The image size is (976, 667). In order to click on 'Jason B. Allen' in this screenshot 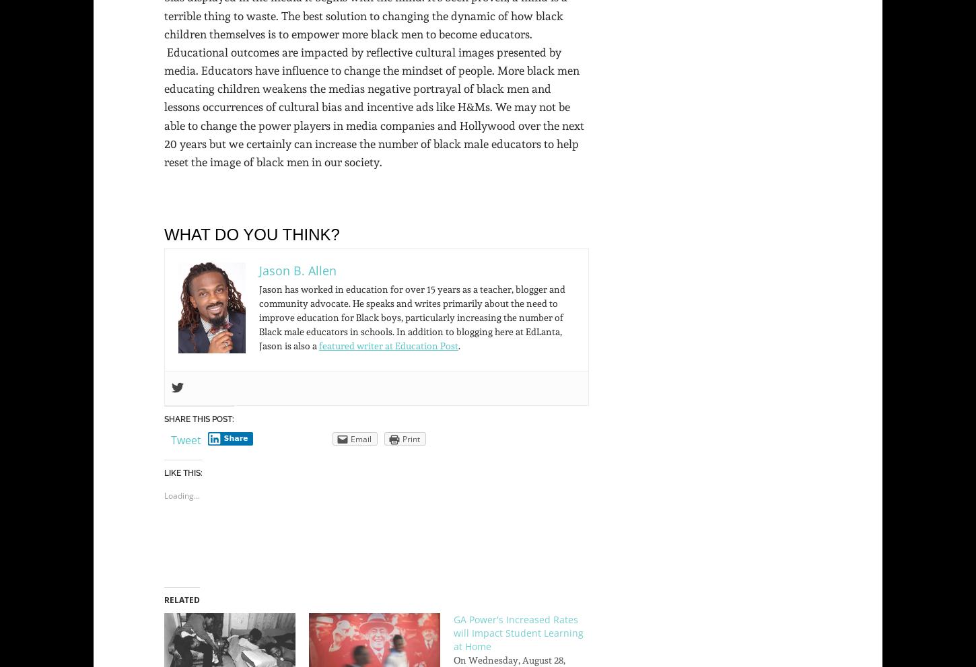, I will do `click(297, 269)`.